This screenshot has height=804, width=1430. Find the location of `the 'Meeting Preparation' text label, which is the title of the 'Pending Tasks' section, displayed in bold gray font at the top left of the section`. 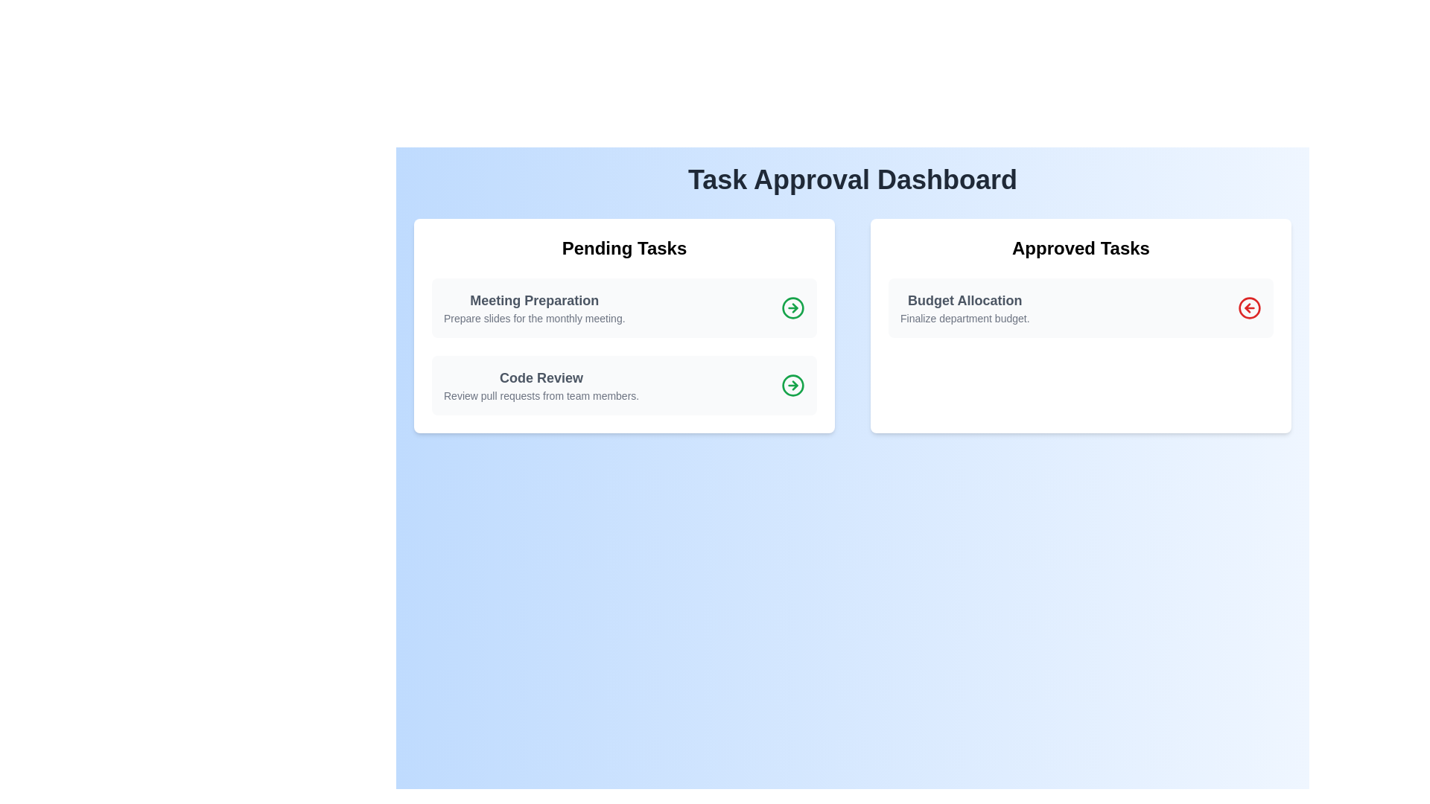

the 'Meeting Preparation' text label, which is the title of the 'Pending Tasks' section, displayed in bold gray font at the top left of the section is located at coordinates (534, 301).